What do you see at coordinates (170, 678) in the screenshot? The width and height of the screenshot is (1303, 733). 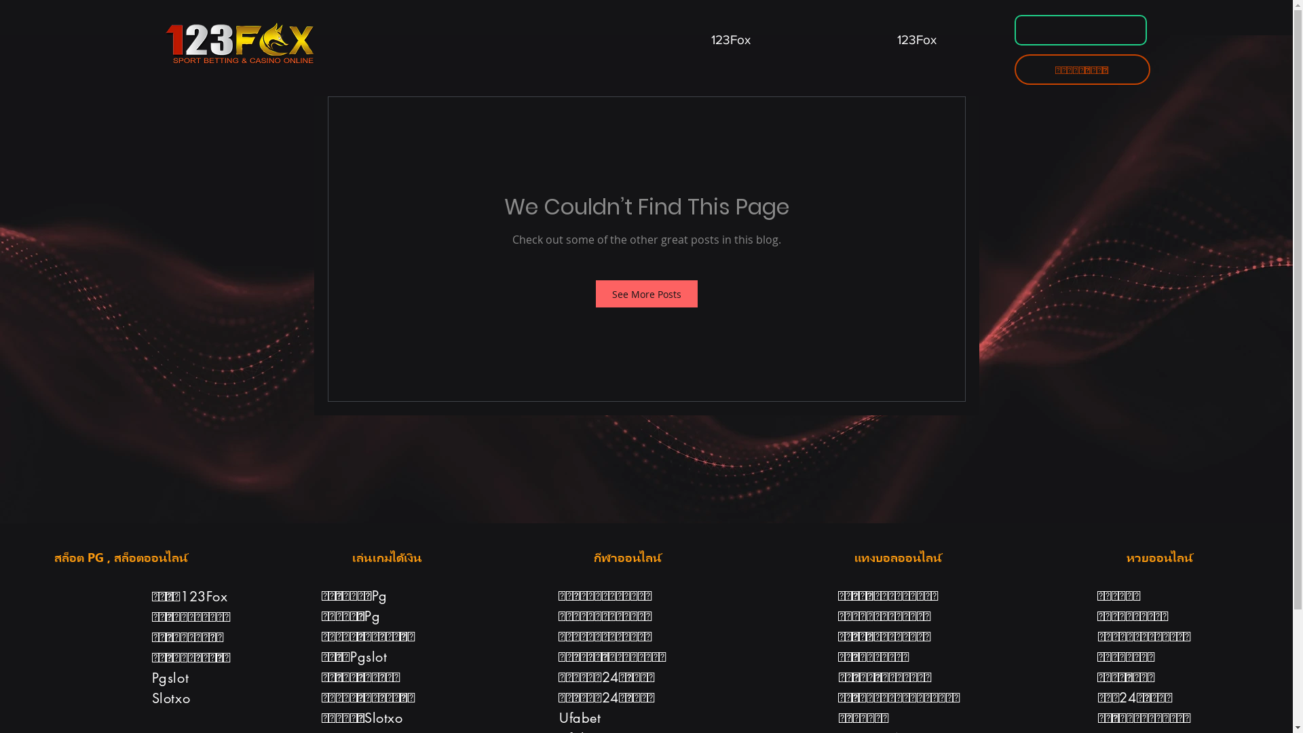 I see `'Pgslot'` at bounding box center [170, 678].